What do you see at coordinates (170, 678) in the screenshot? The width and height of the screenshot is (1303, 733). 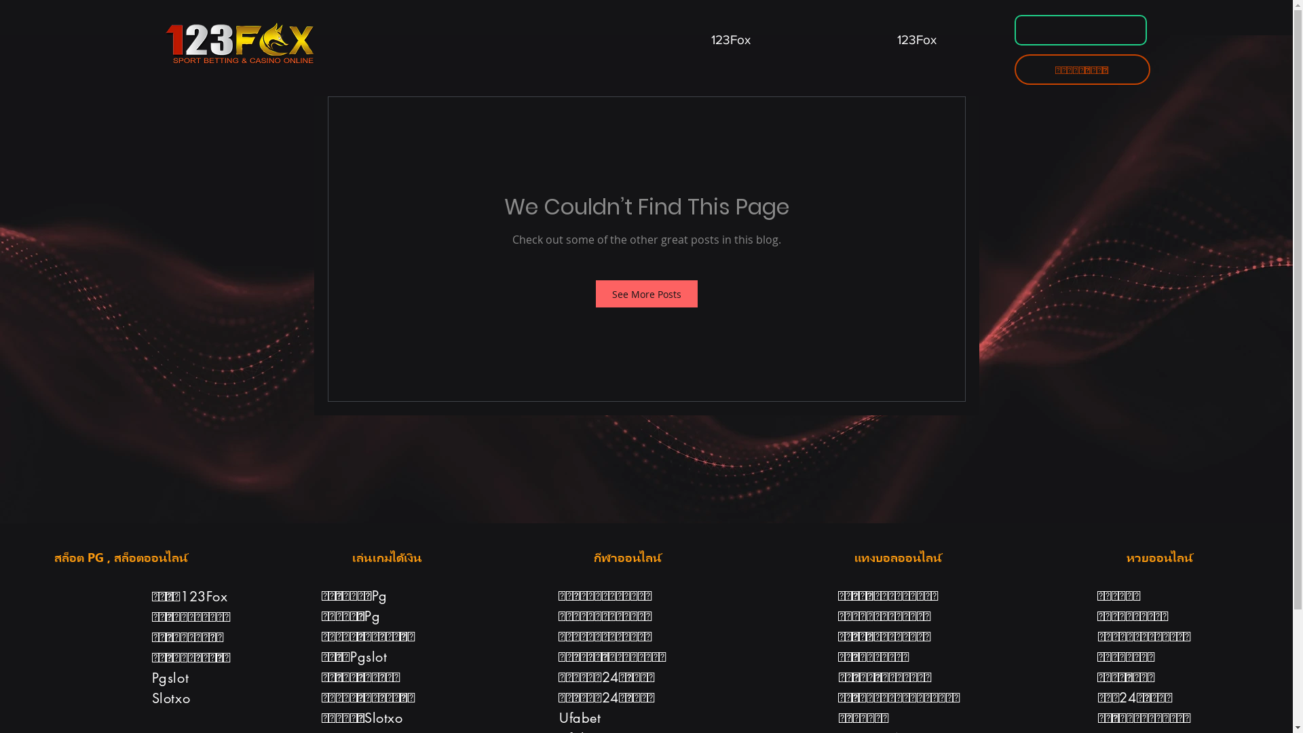 I see `'Pgslot'` at bounding box center [170, 678].